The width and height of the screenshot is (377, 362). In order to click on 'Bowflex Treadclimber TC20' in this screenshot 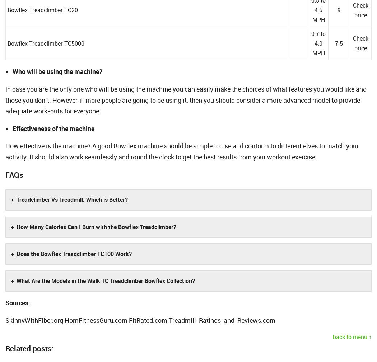, I will do `click(8, 10)`.